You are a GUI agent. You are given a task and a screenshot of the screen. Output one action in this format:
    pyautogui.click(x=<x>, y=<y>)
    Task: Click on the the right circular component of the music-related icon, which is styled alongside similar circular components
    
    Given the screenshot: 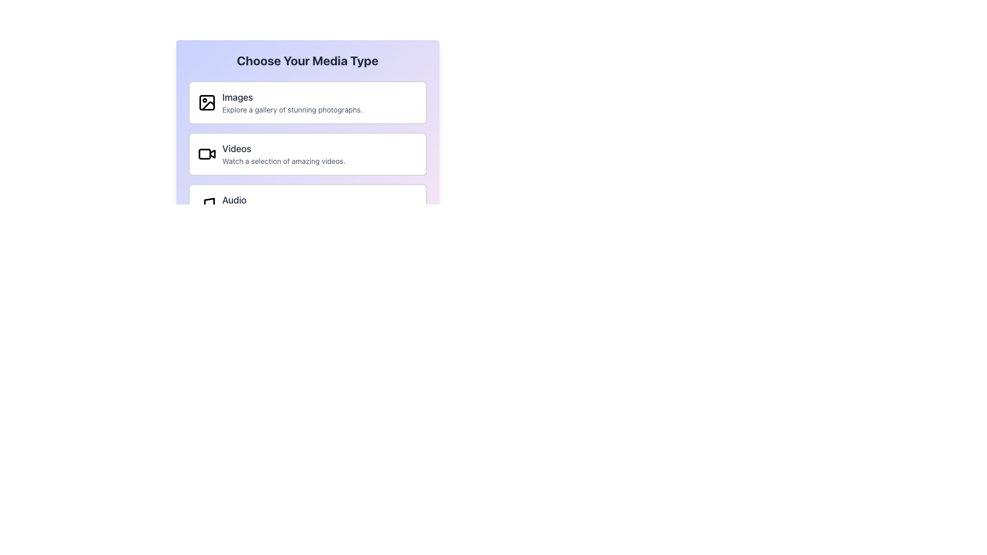 What is the action you would take?
    pyautogui.click(x=211, y=208)
    